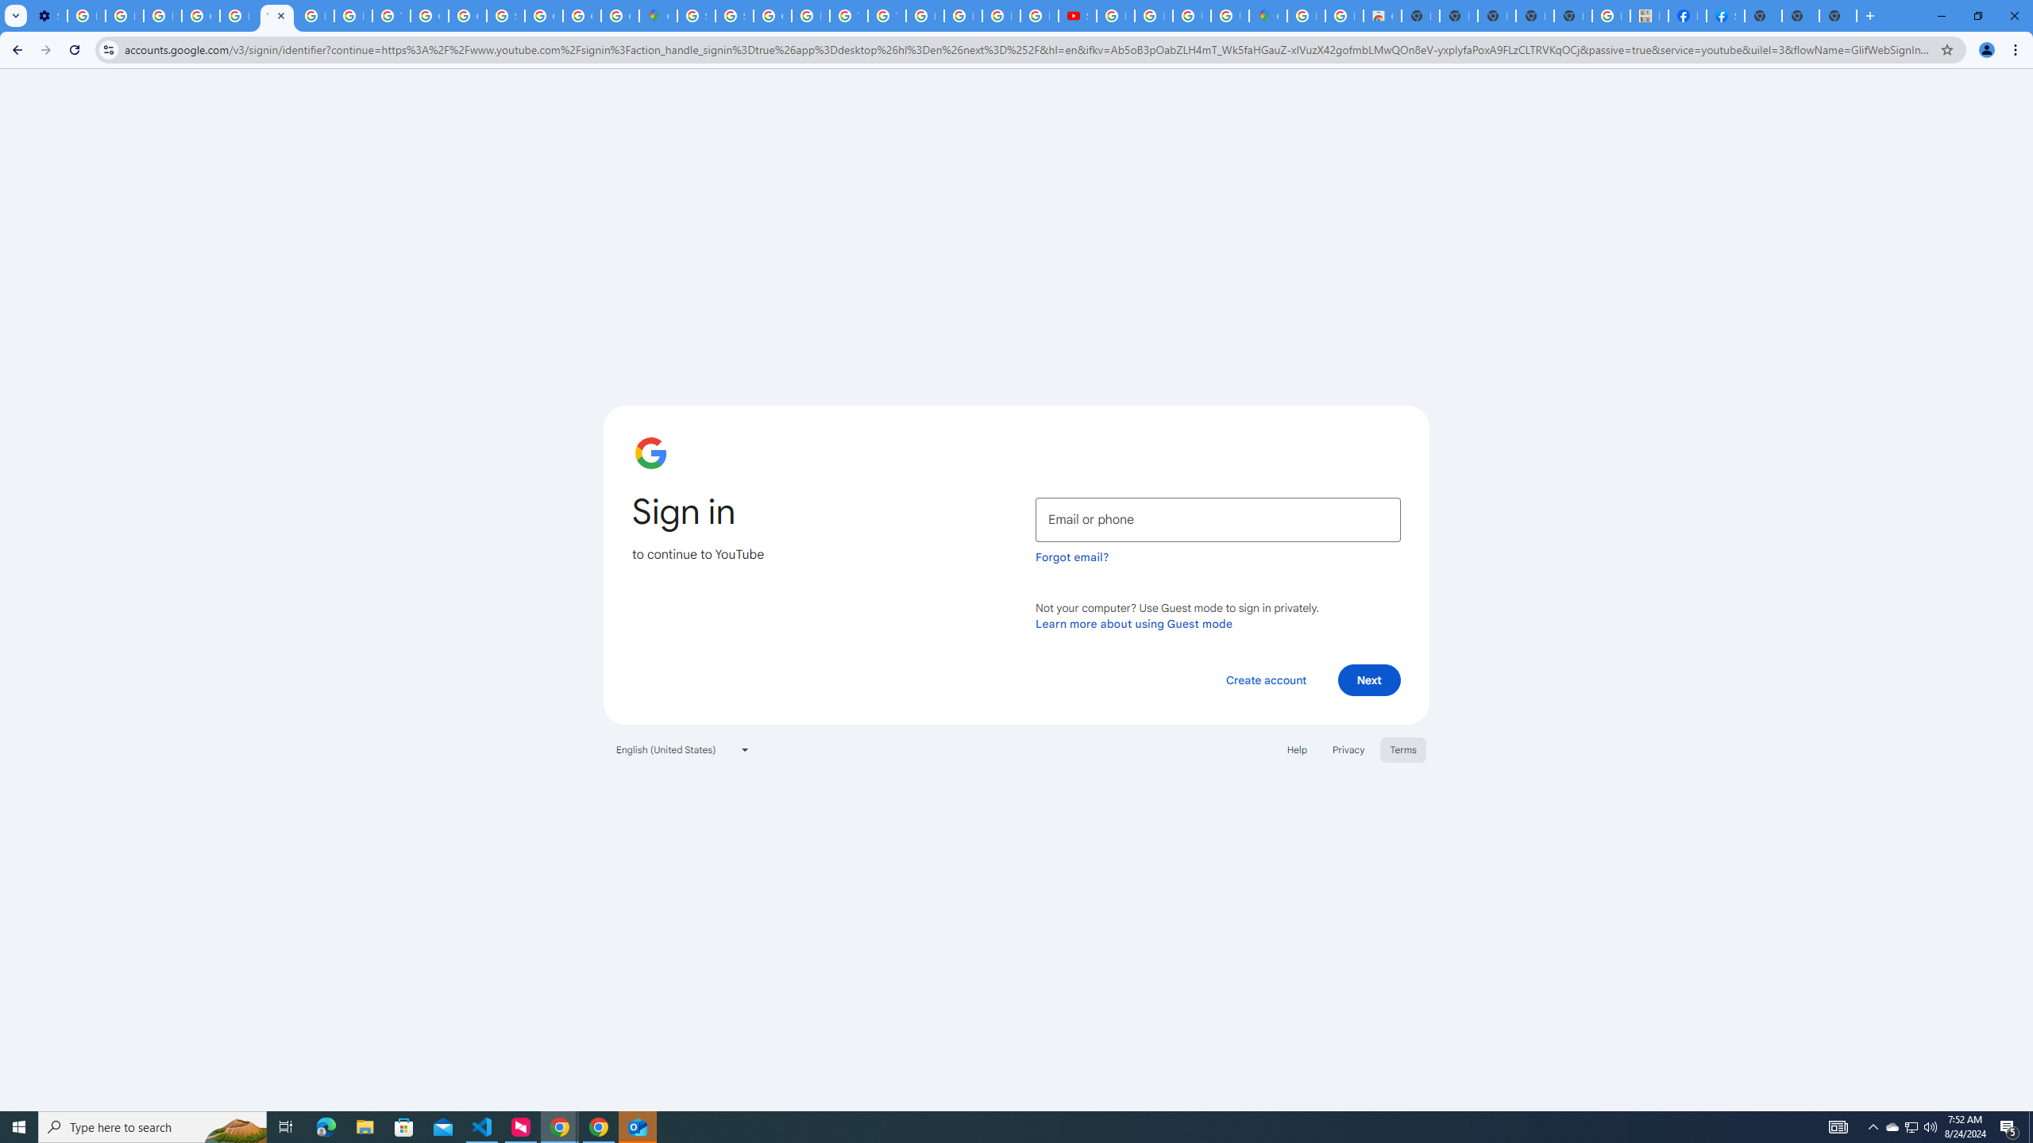 This screenshot has width=2033, height=1143. Describe the element at coordinates (237, 15) in the screenshot. I see `'Privacy Help Center - Policies Help'` at that location.